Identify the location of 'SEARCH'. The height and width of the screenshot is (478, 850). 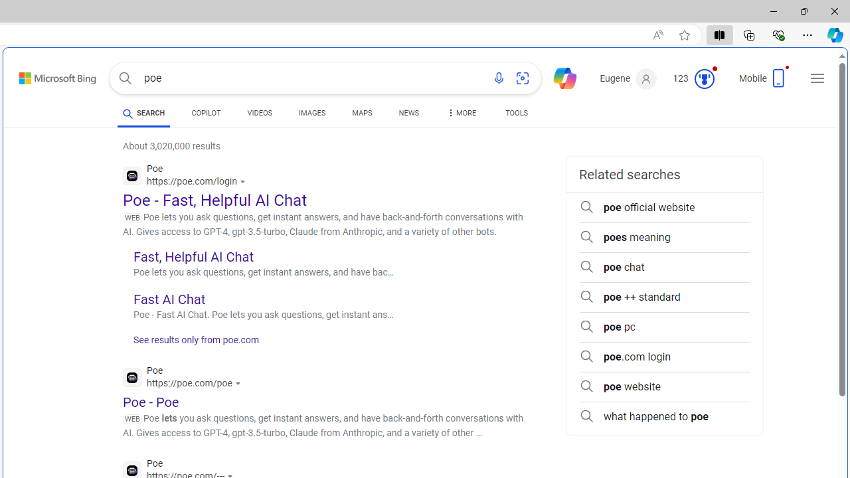
(143, 113).